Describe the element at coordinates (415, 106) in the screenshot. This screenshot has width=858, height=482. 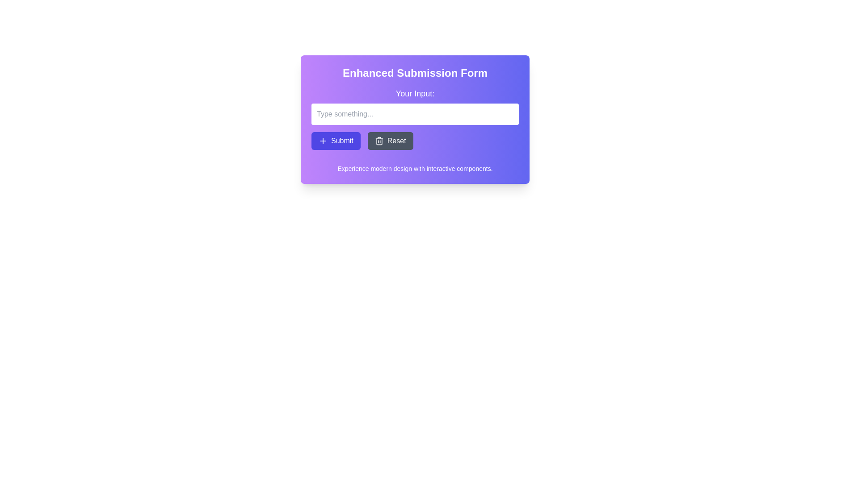
I see `the text input field labeled 'Your Input:' to focus on it` at that location.